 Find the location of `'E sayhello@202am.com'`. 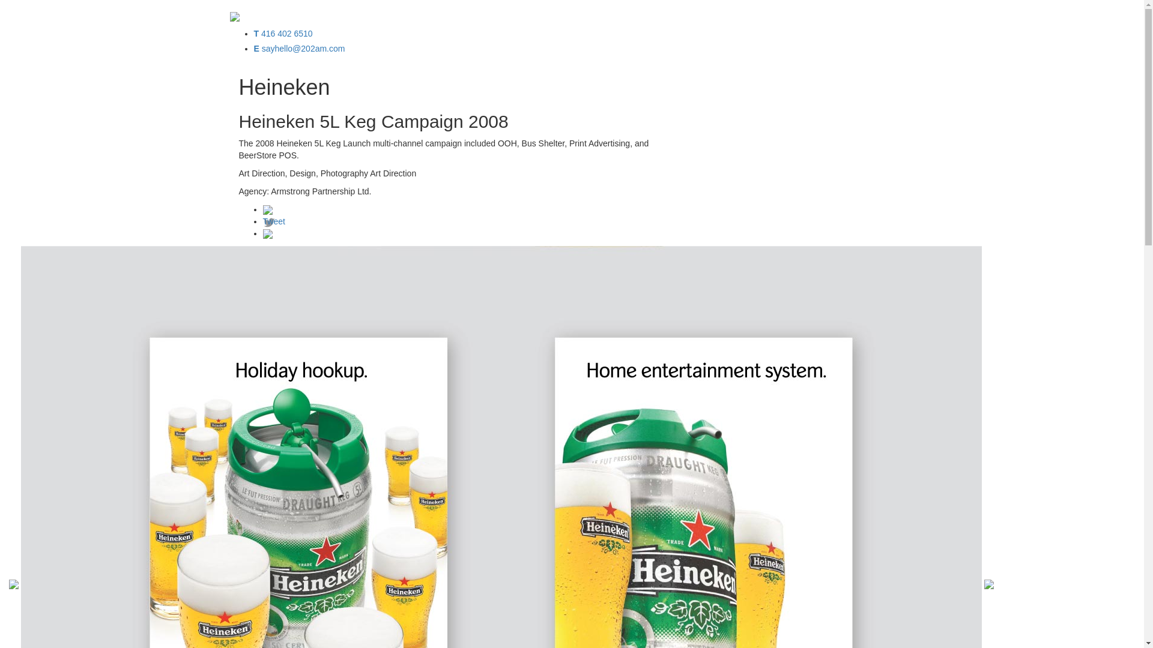

'E sayhello@202am.com' is located at coordinates (299, 48).